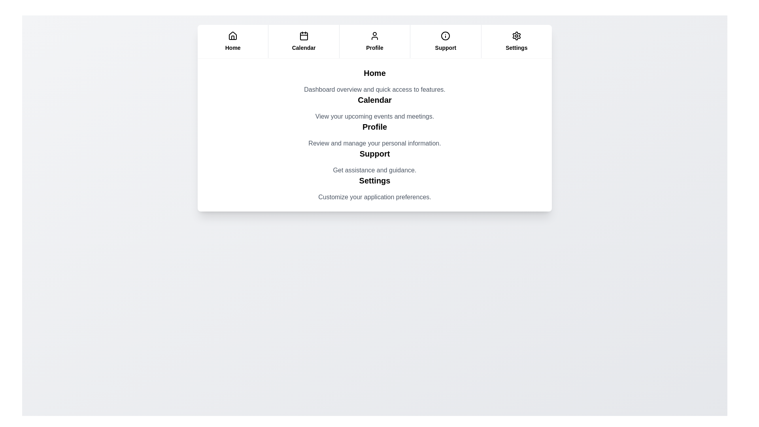  I want to click on the static descriptive text located below the bold 'Profile' heading, which conveys additional information about the 'Profile' section, so click(374, 143).